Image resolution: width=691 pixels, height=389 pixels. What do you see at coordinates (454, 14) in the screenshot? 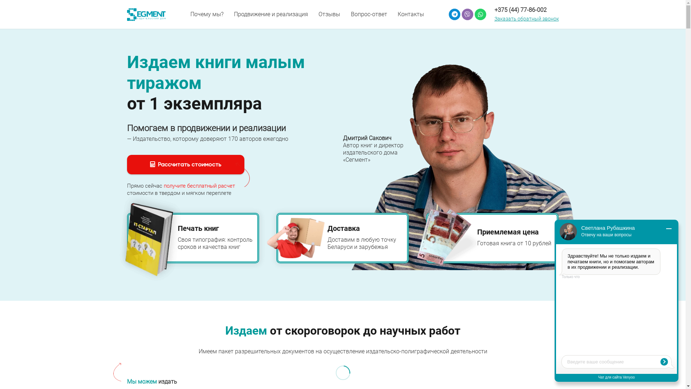
I see `'Telegram'` at bounding box center [454, 14].